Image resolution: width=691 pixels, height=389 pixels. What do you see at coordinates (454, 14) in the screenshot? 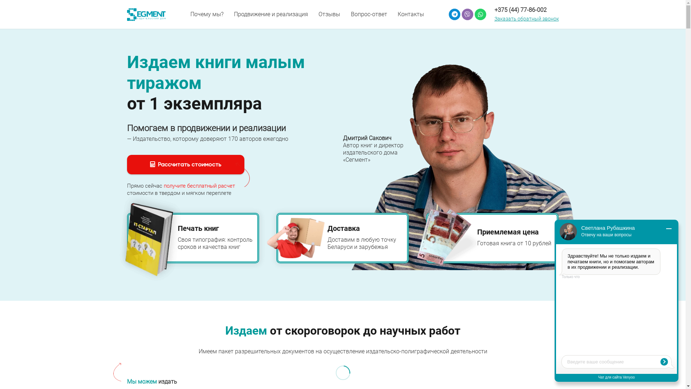
I see `'Telegram'` at bounding box center [454, 14].